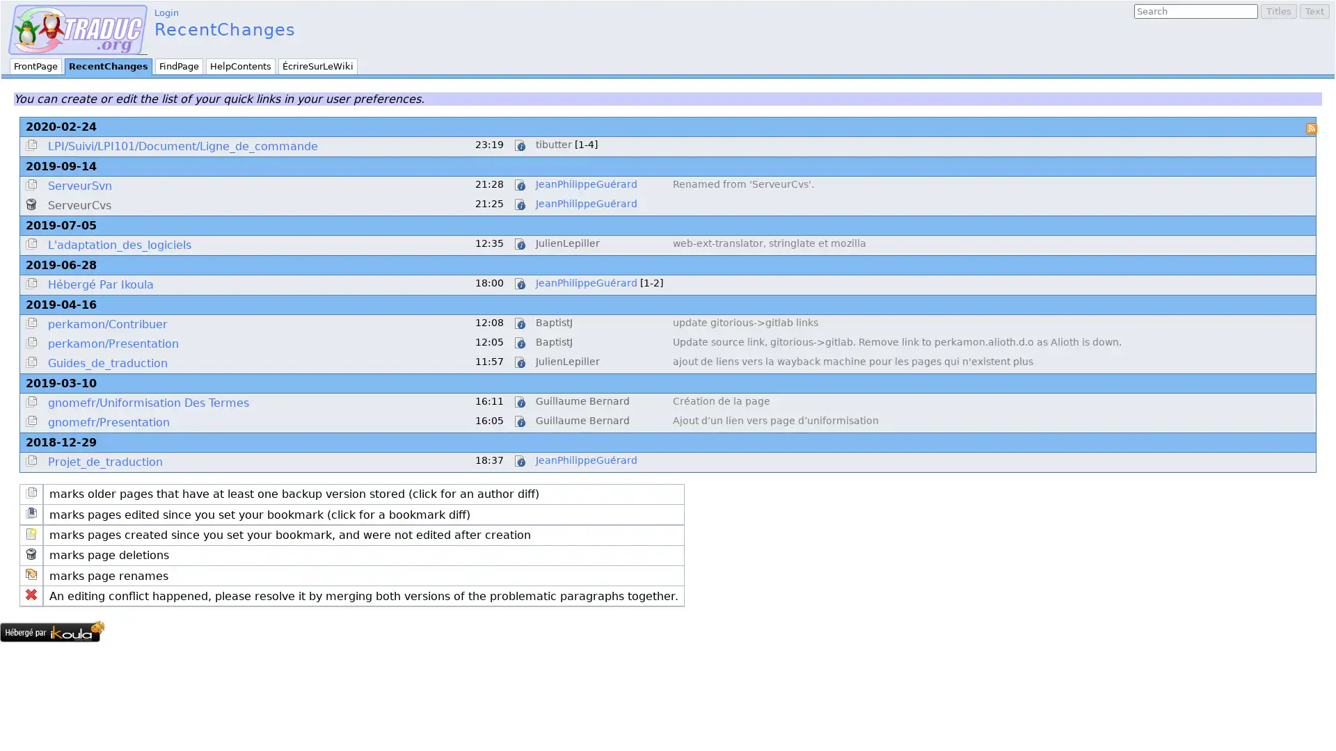  What do you see at coordinates (1314, 11) in the screenshot?
I see `Text` at bounding box center [1314, 11].